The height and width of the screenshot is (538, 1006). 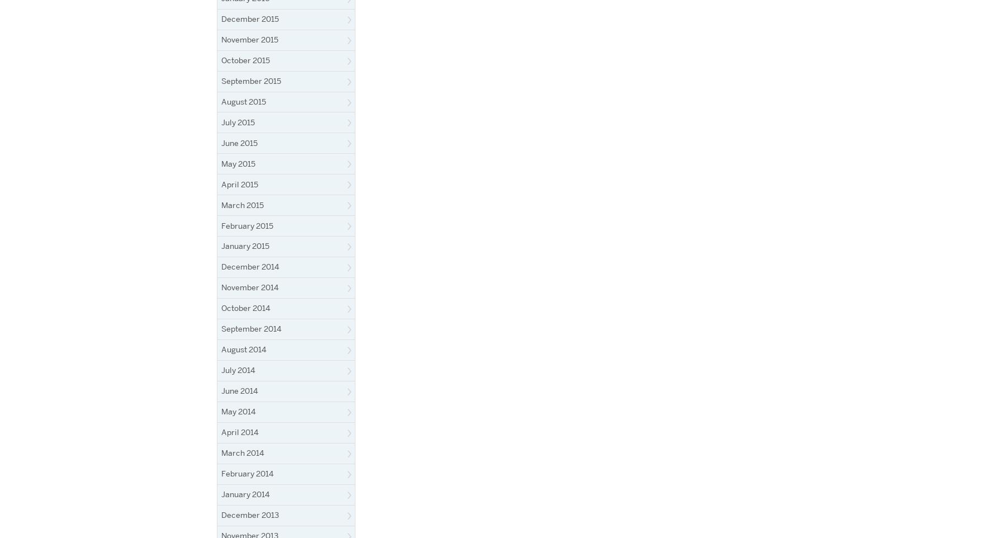 What do you see at coordinates (238, 121) in the screenshot?
I see `'July 2015'` at bounding box center [238, 121].